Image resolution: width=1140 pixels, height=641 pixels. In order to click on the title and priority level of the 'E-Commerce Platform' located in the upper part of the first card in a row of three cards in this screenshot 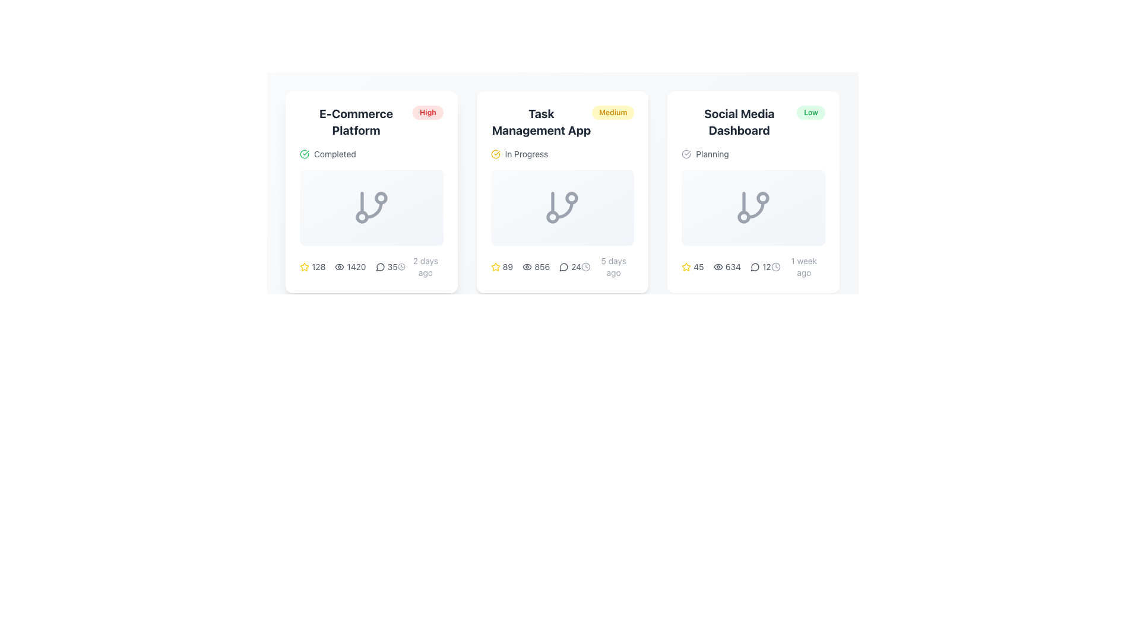, I will do `click(370, 122)`.